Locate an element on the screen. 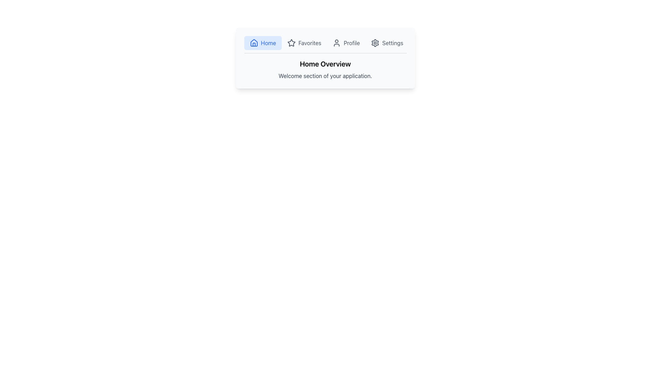  the static text displaying 'Welcome section of your application.' which is centrally aligned below the 'Home Overview' header is located at coordinates (325, 76).